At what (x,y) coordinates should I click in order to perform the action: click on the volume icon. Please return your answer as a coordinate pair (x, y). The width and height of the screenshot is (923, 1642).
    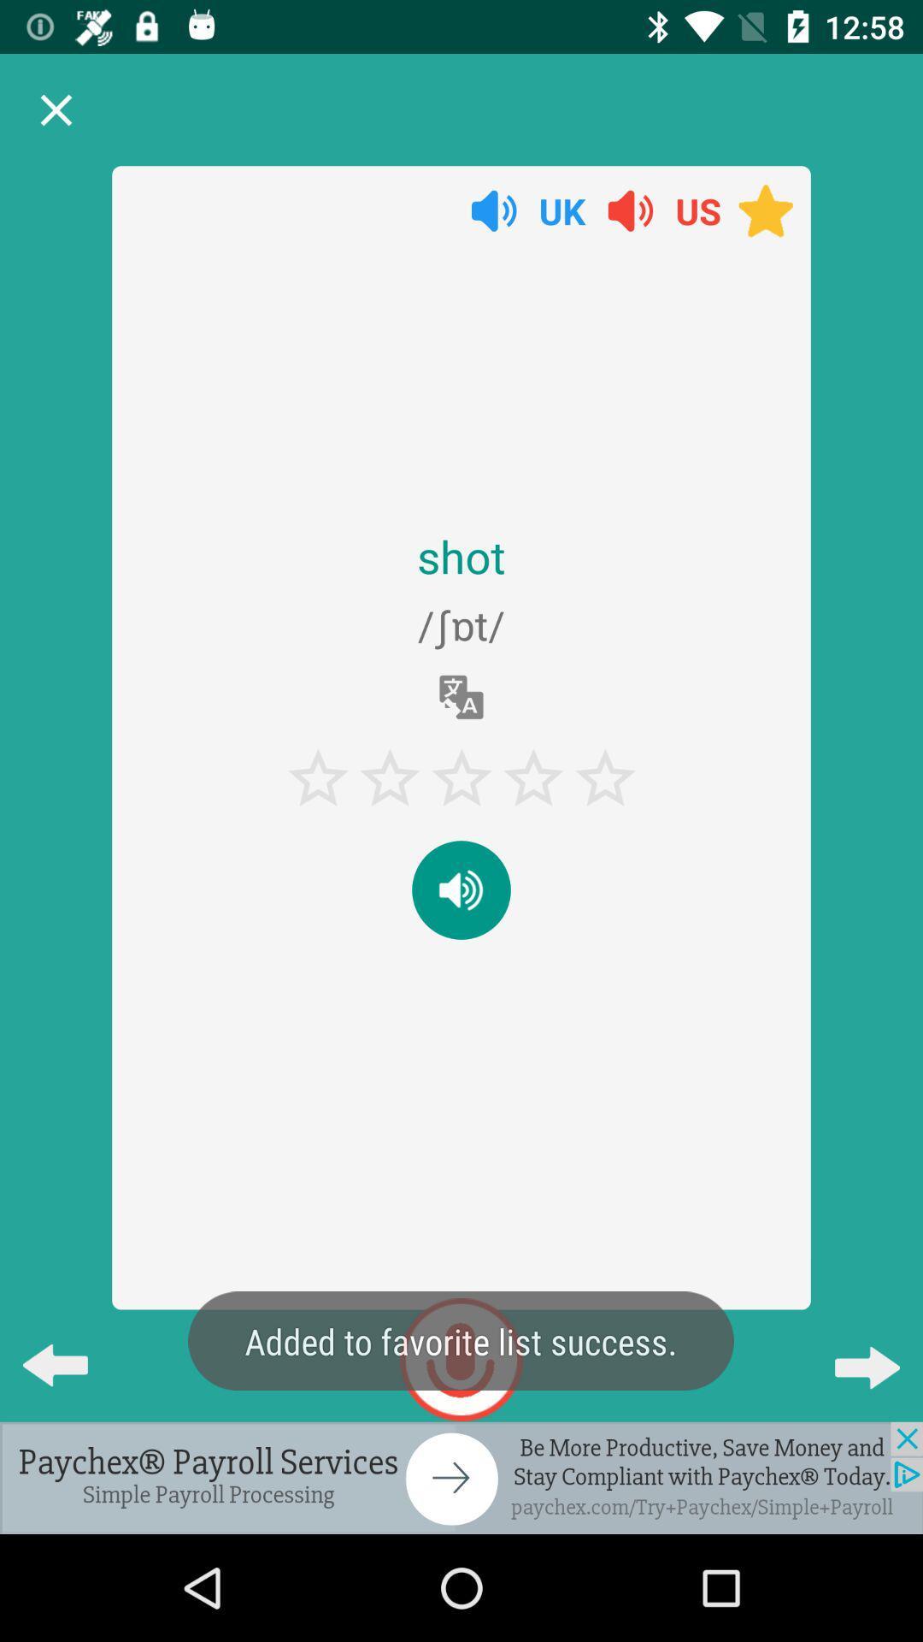
    Looking at the image, I should click on (494, 210).